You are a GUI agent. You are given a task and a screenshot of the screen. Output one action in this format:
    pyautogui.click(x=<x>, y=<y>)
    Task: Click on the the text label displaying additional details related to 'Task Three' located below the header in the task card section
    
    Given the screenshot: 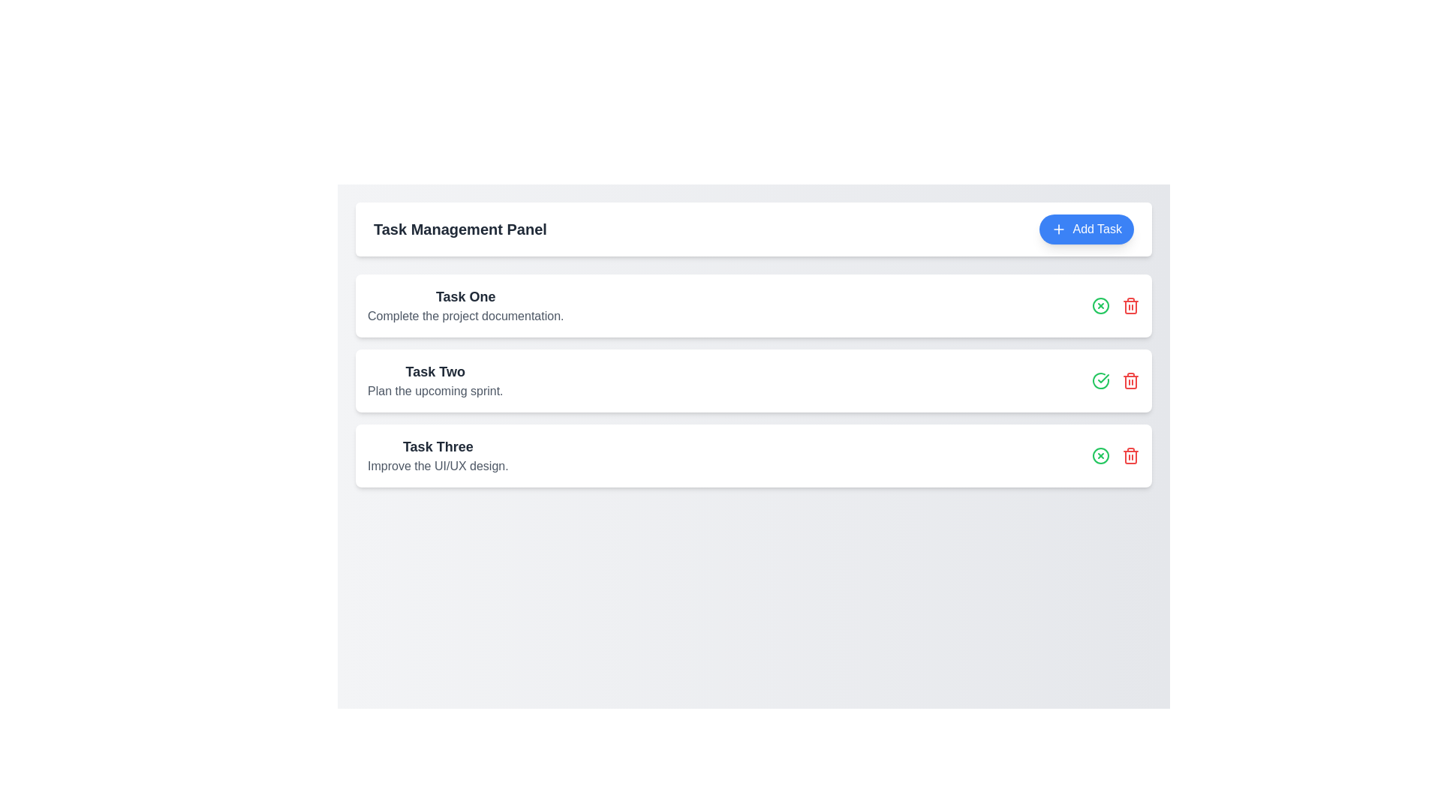 What is the action you would take?
    pyautogui.click(x=437, y=465)
    